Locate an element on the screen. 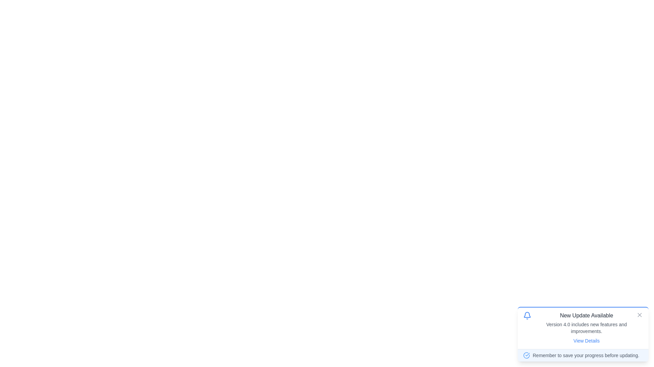 This screenshot has height=367, width=654. the Close button icon located at the top-right corner of the notification card is located at coordinates (639, 315).